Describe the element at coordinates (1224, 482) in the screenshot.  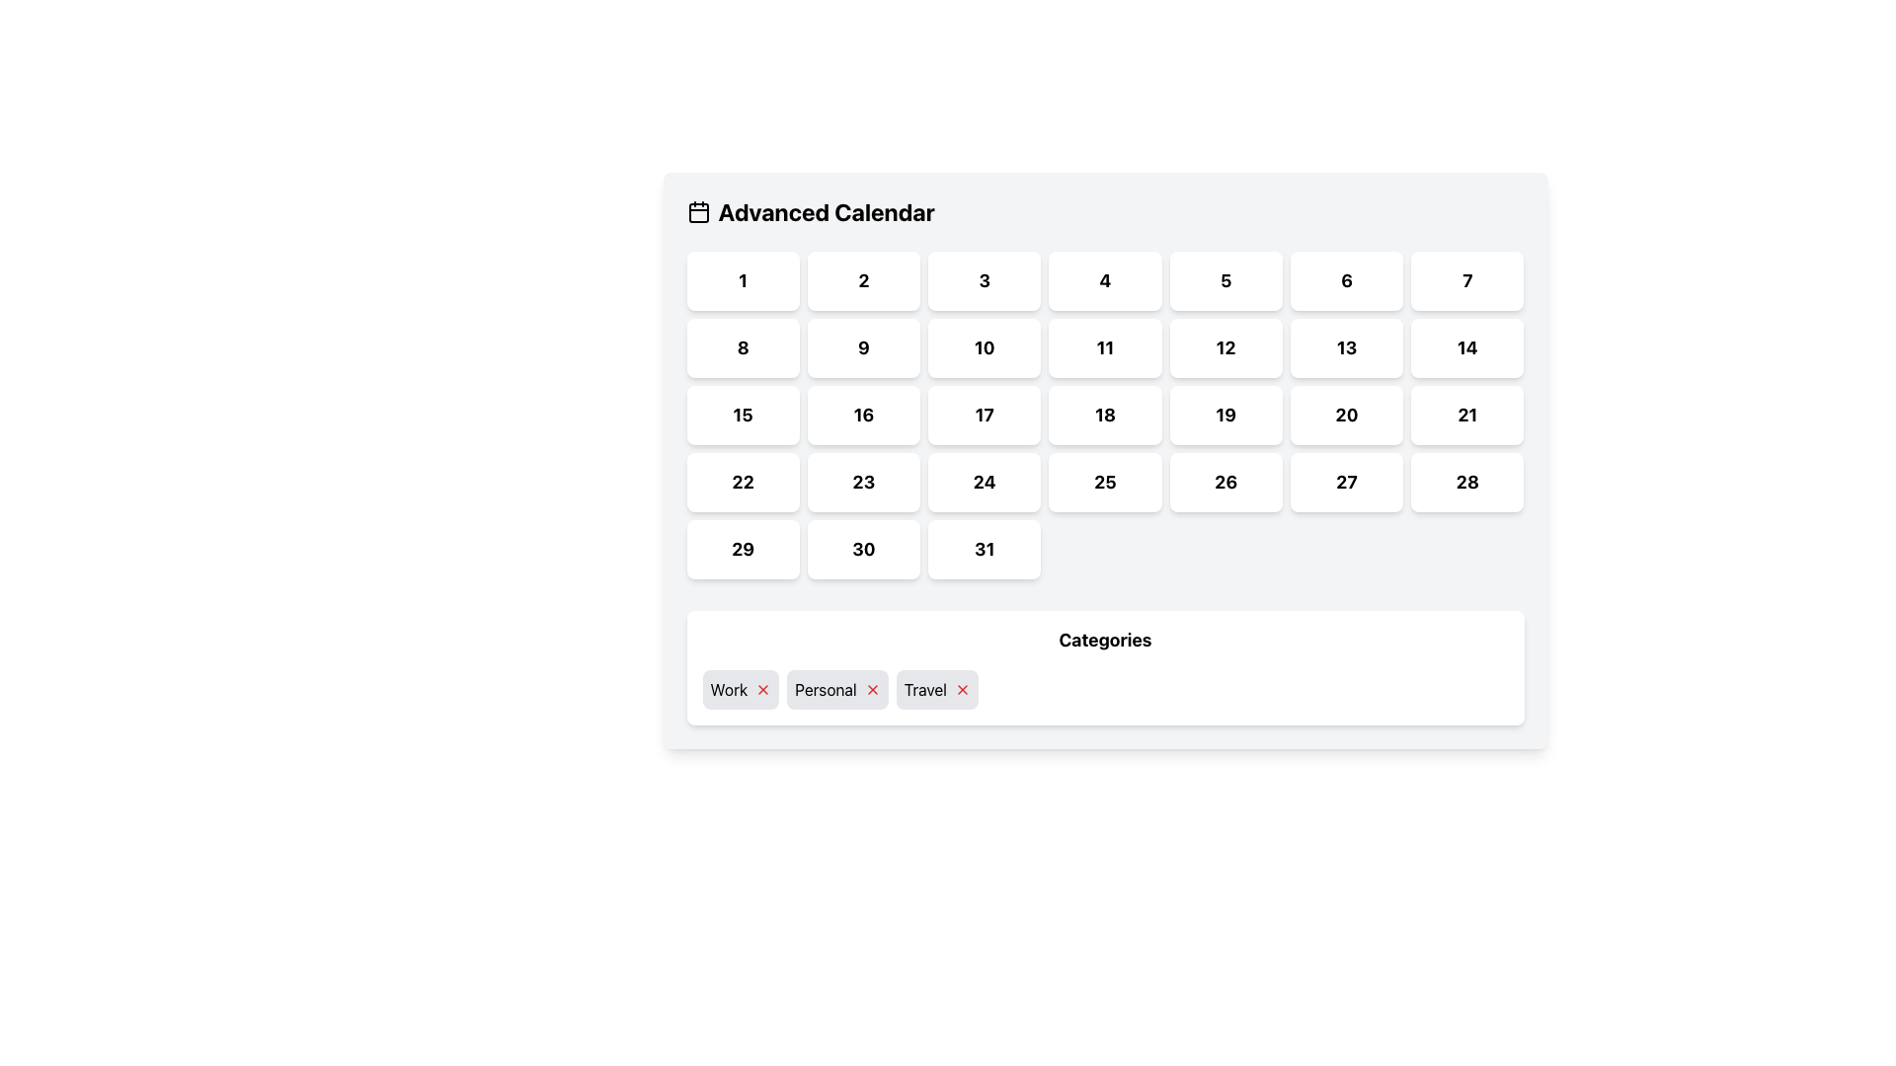
I see `the bold black text '26' inside the white rectangular button located` at that location.